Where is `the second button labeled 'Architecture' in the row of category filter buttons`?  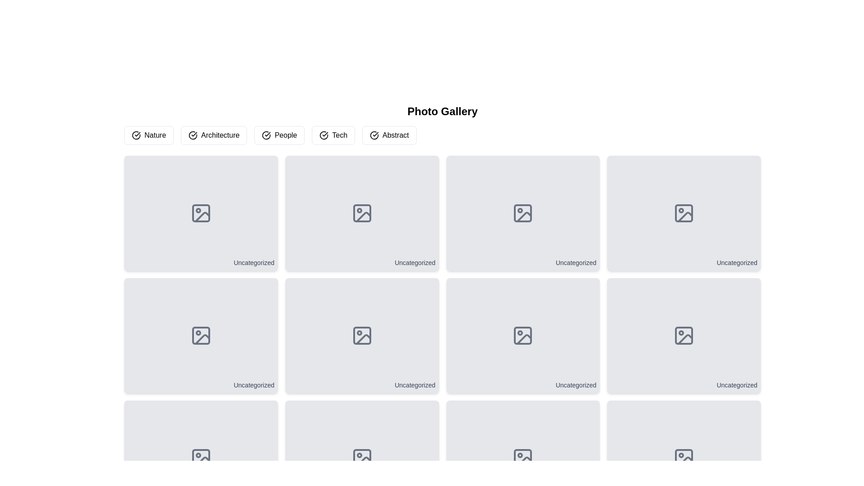 the second button labeled 'Architecture' in the row of category filter buttons is located at coordinates (213, 135).